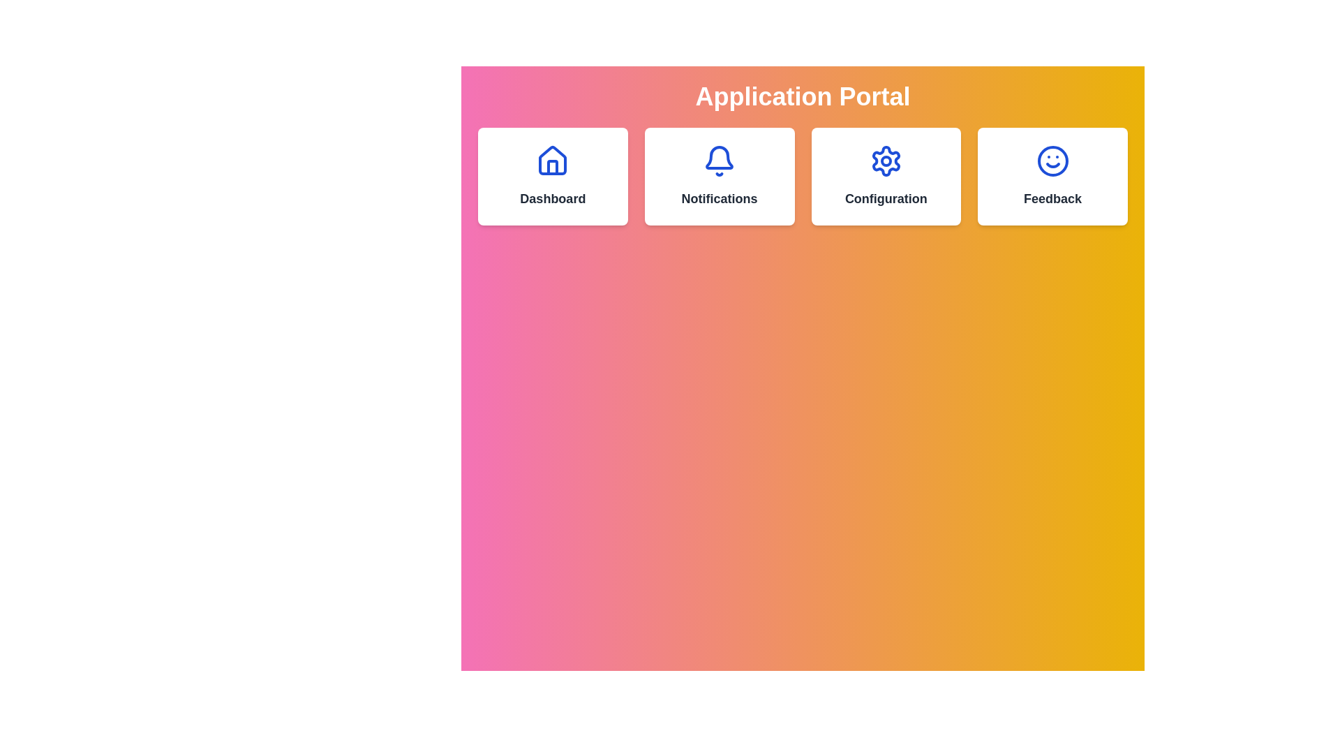  Describe the element at coordinates (885, 199) in the screenshot. I see `the 'Configuration' text label which is bold and large, styled in black, positioned below a gear icon in the third square card of a four-card layout` at that location.